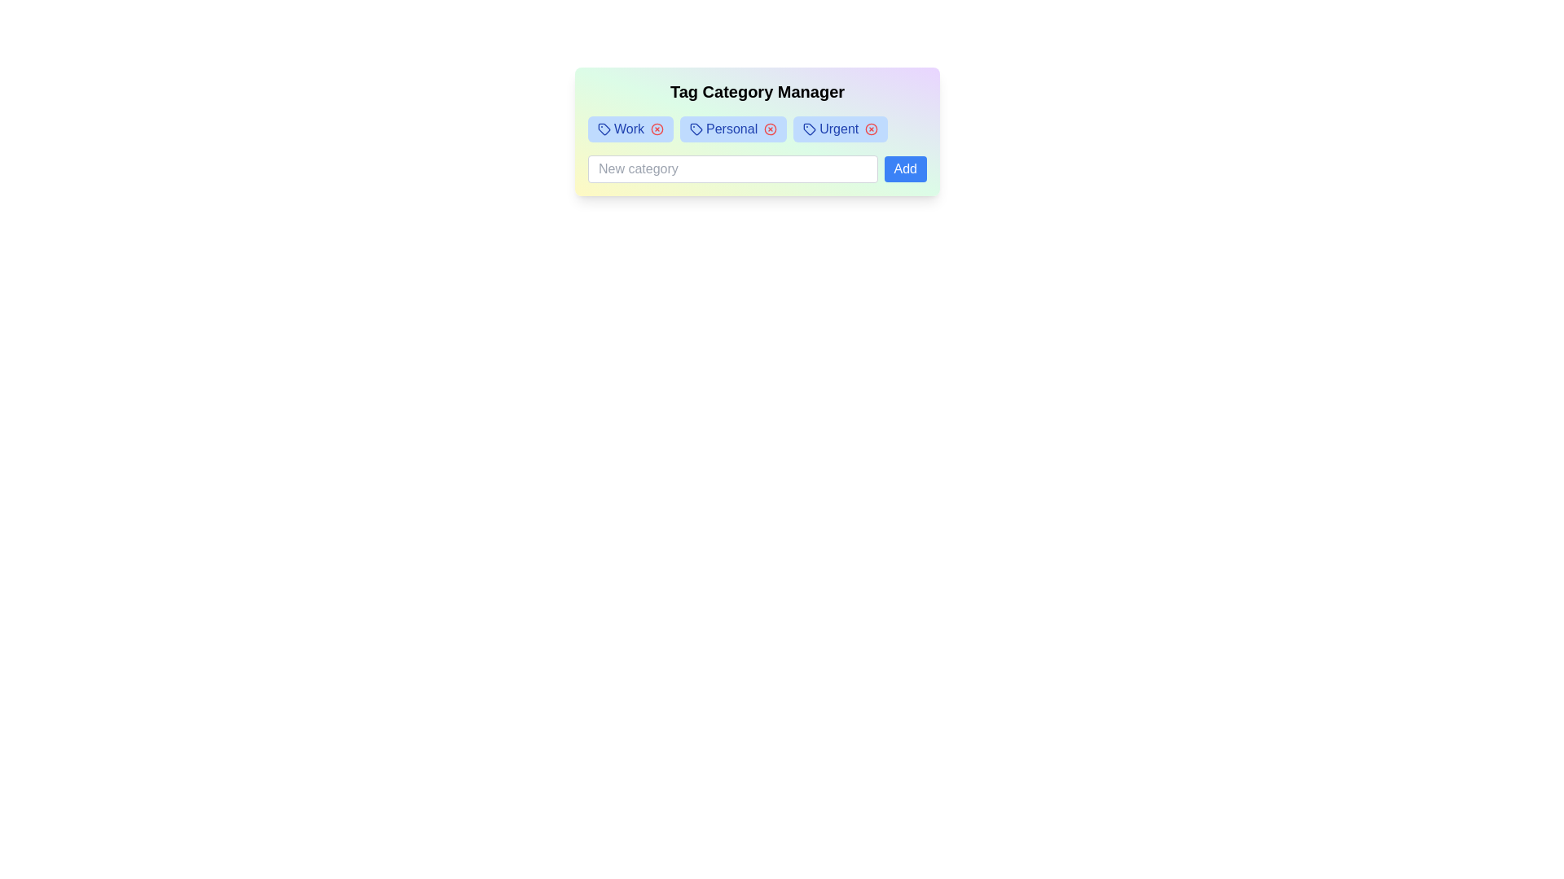 Image resolution: width=1564 pixels, height=879 pixels. What do you see at coordinates (841, 128) in the screenshot?
I see `'Urgent' badge with a removable option, which is the third badge in a horizontal group and located under the title 'Tag Category Manager'` at bounding box center [841, 128].